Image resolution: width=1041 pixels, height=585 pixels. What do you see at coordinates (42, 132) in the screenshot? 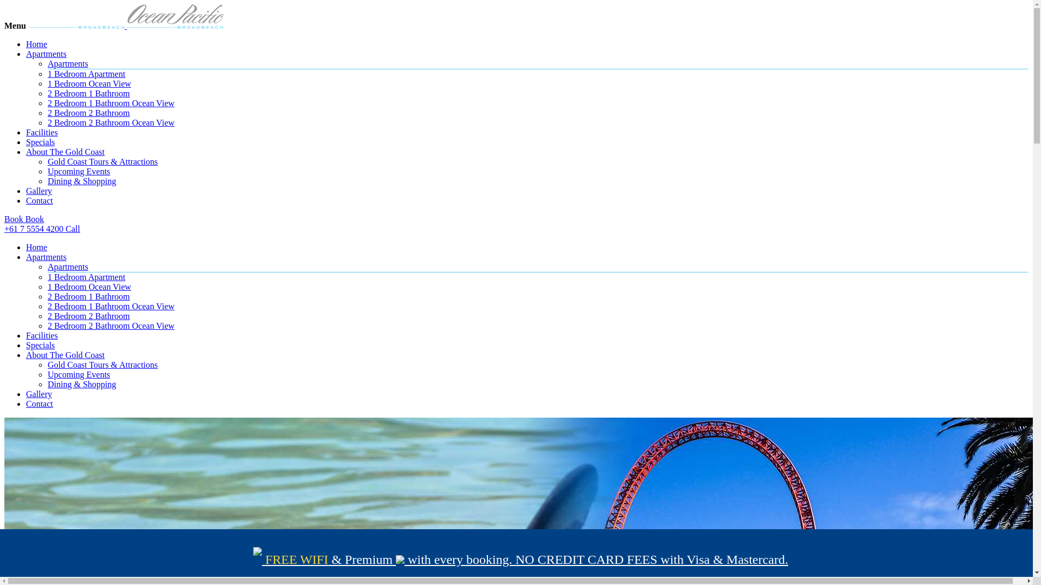
I see `'Facilities'` at bounding box center [42, 132].